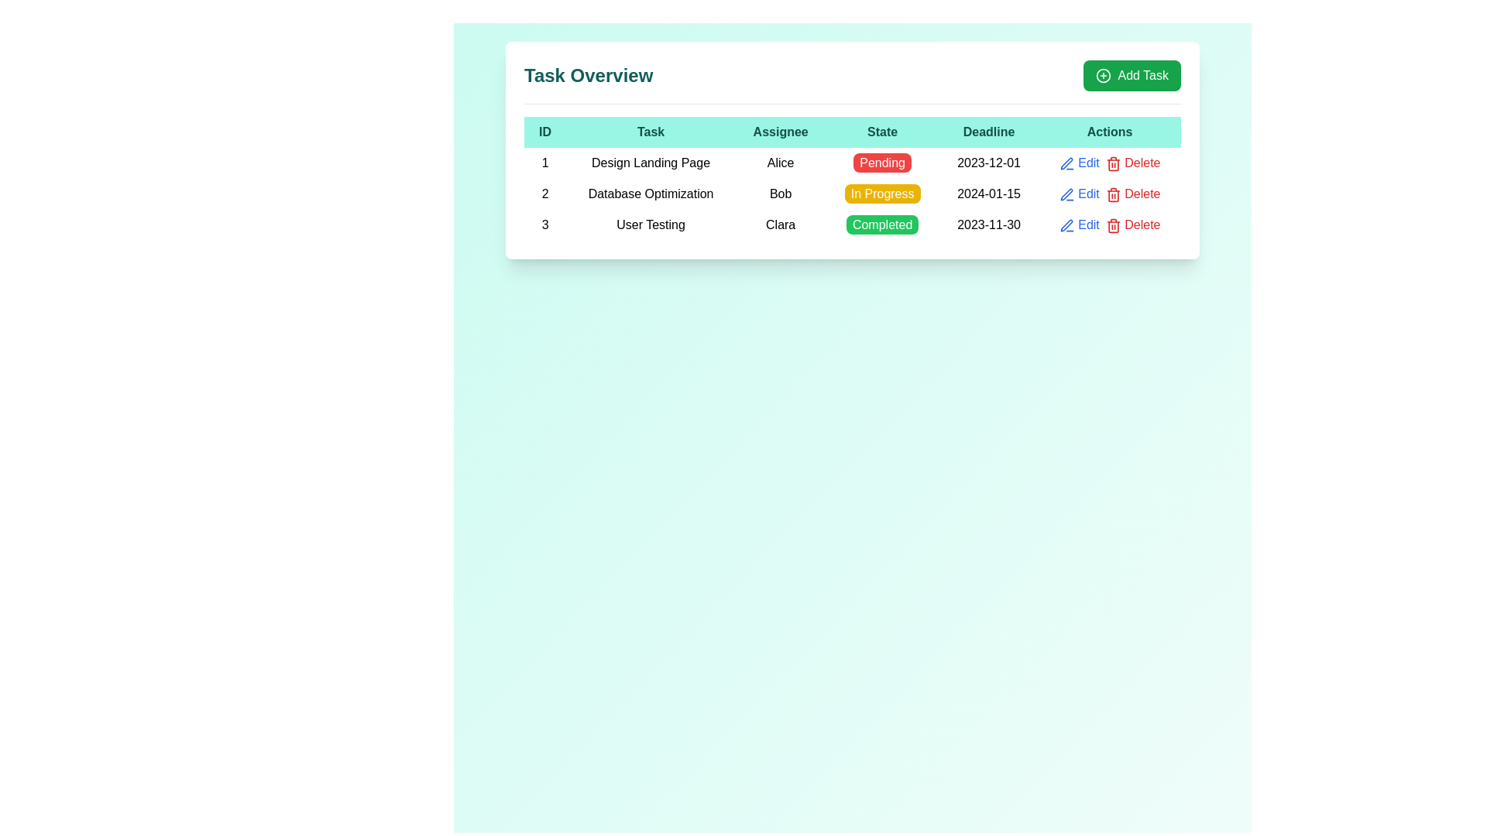 The image size is (1487, 836). What do you see at coordinates (851, 193) in the screenshot?
I see `the table row representing '2 Database Optimization Bob In Progress 2024-01-15', which features a yellow background and white text indicating 'In Progress'` at bounding box center [851, 193].